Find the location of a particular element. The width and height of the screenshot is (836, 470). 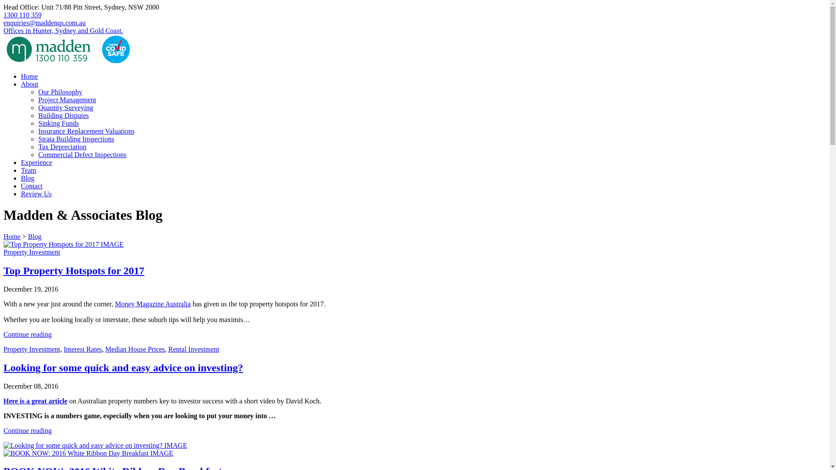

'Strata Building Inspections' is located at coordinates (37, 138).